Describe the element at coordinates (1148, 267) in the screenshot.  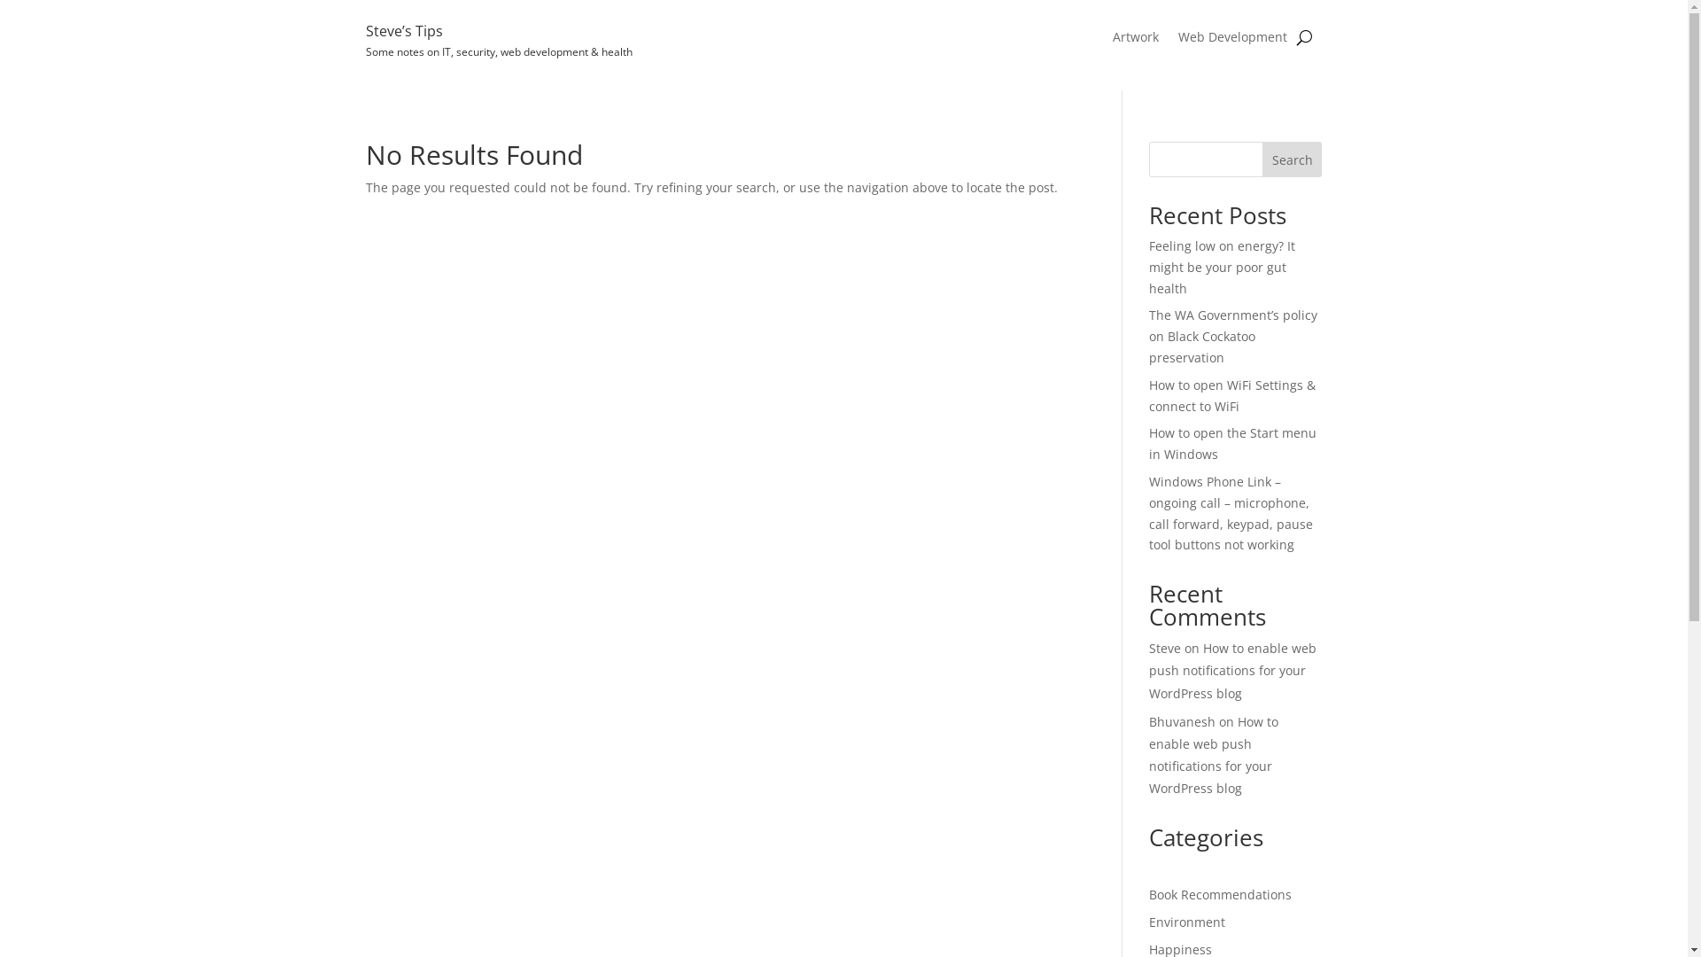
I see `'Feeling low on energy? It might be your poor gut health'` at that location.